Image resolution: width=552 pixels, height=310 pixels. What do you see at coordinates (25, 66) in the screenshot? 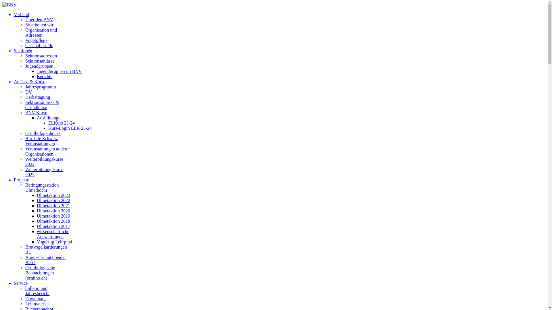
I see `'Jugendgruppen'` at bounding box center [25, 66].